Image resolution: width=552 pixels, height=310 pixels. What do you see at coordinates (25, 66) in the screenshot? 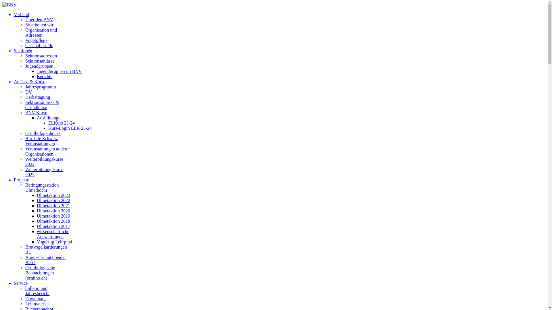
I see `'Jugendgruppen'` at bounding box center [25, 66].